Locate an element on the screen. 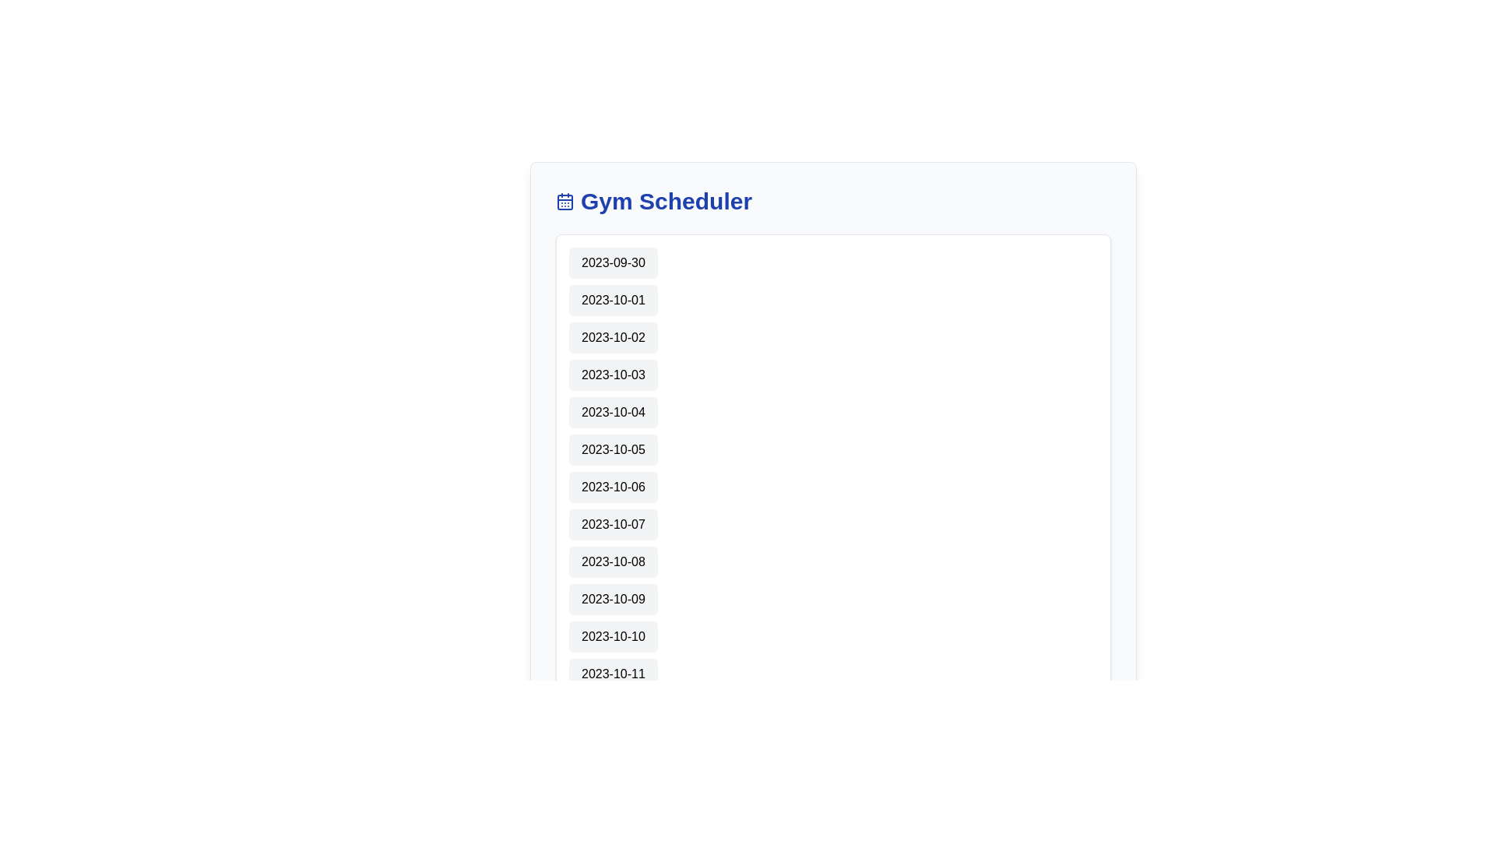 The height and width of the screenshot is (841, 1495). assistive tools is located at coordinates (564, 200).